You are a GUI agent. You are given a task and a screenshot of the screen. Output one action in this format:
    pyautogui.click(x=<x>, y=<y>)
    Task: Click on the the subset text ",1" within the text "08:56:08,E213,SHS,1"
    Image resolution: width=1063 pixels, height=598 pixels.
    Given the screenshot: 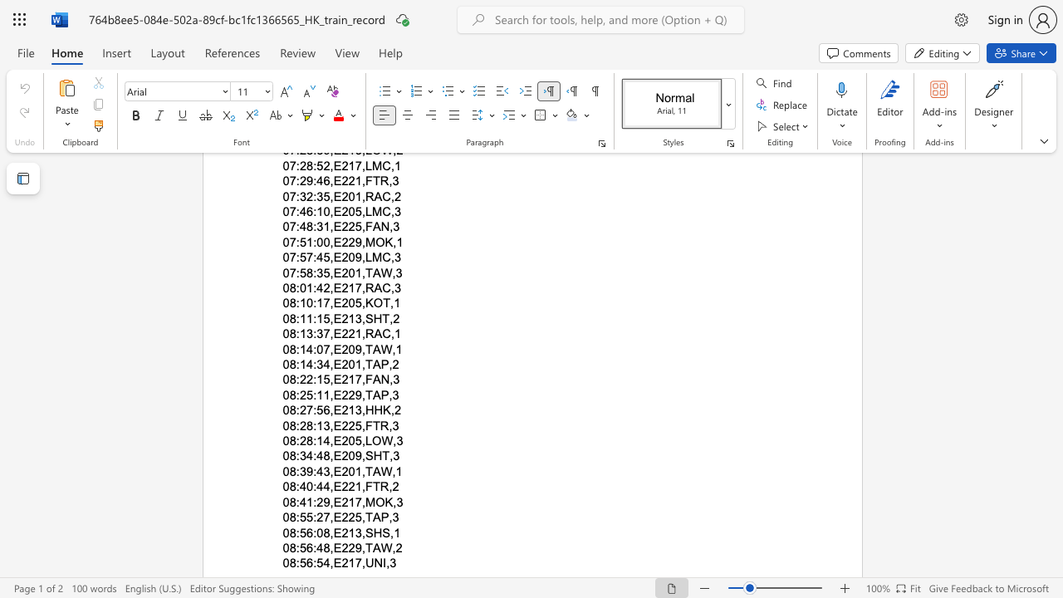 What is the action you would take?
    pyautogui.click(x=389, y=532)
    